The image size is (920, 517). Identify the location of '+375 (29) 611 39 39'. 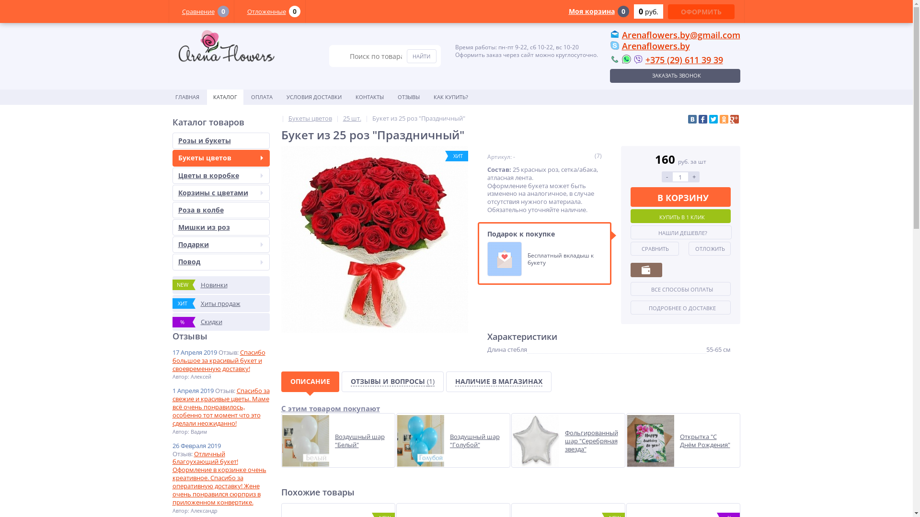
(683, 59).